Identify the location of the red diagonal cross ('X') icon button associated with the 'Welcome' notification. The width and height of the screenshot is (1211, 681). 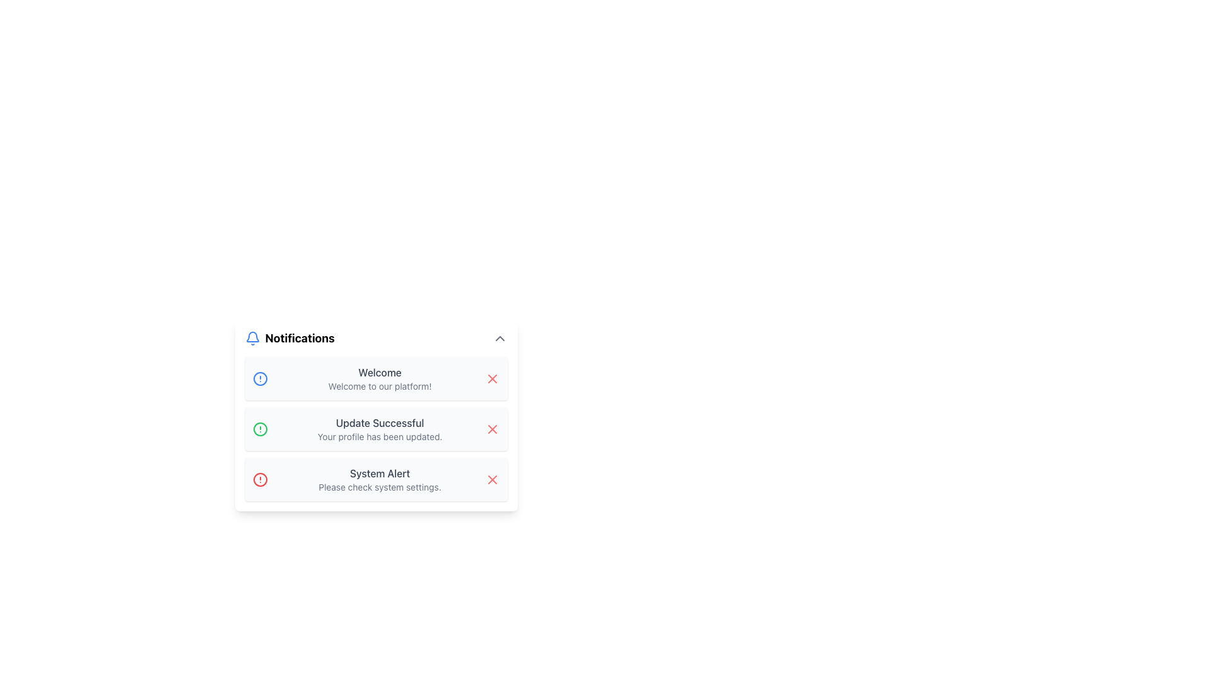
(491, 378).